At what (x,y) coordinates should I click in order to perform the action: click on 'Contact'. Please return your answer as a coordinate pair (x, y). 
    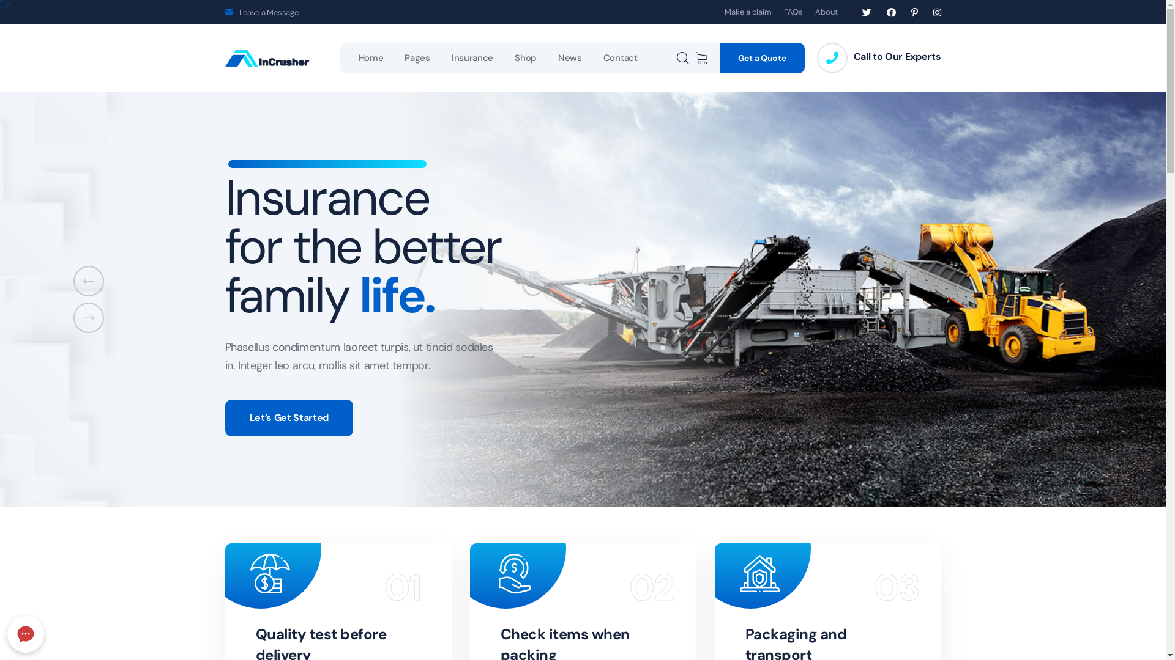
    Looking at the image, I should click on (603, 58).